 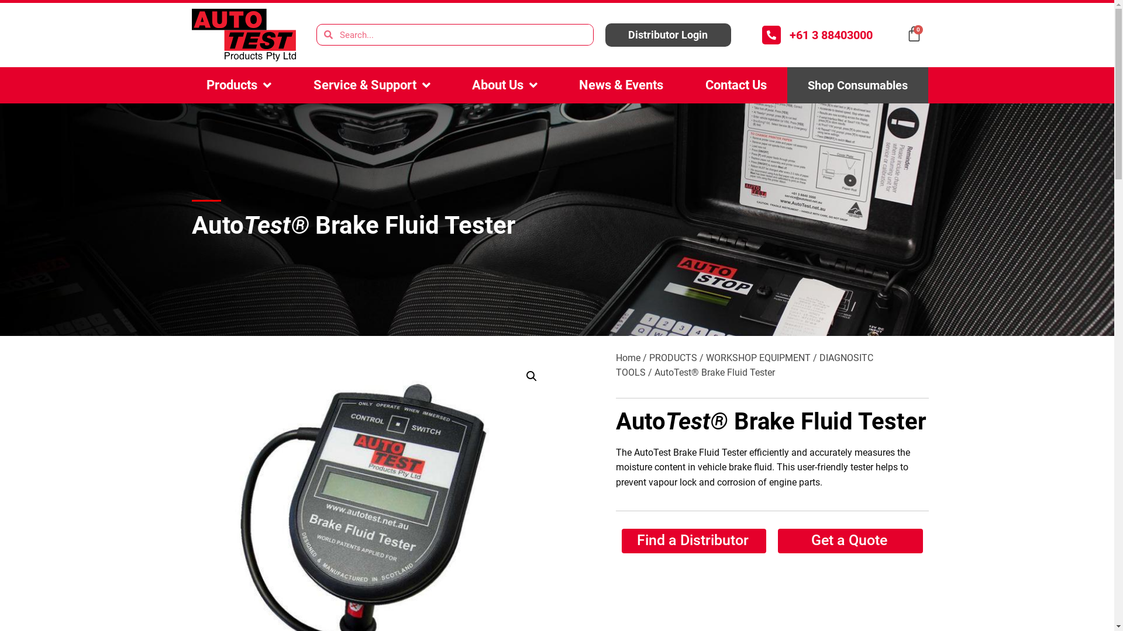 What do you see at coordinates (673, 357) in the screenshot?
I see `'PRODUCTS'` at bounding box center [673, 357].